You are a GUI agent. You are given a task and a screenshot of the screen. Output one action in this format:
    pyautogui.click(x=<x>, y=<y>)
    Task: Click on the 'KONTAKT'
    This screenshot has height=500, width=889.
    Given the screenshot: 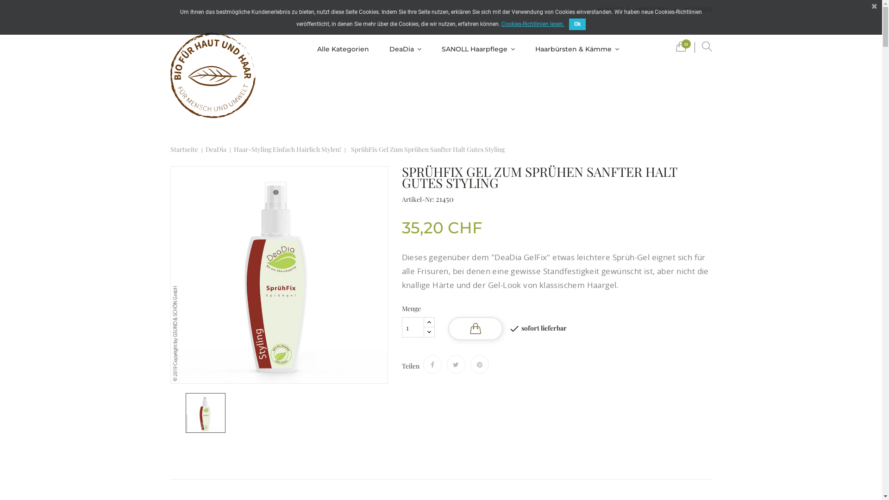 What is the action you would take?
    pyautogui.click(x=591, y=9)
    